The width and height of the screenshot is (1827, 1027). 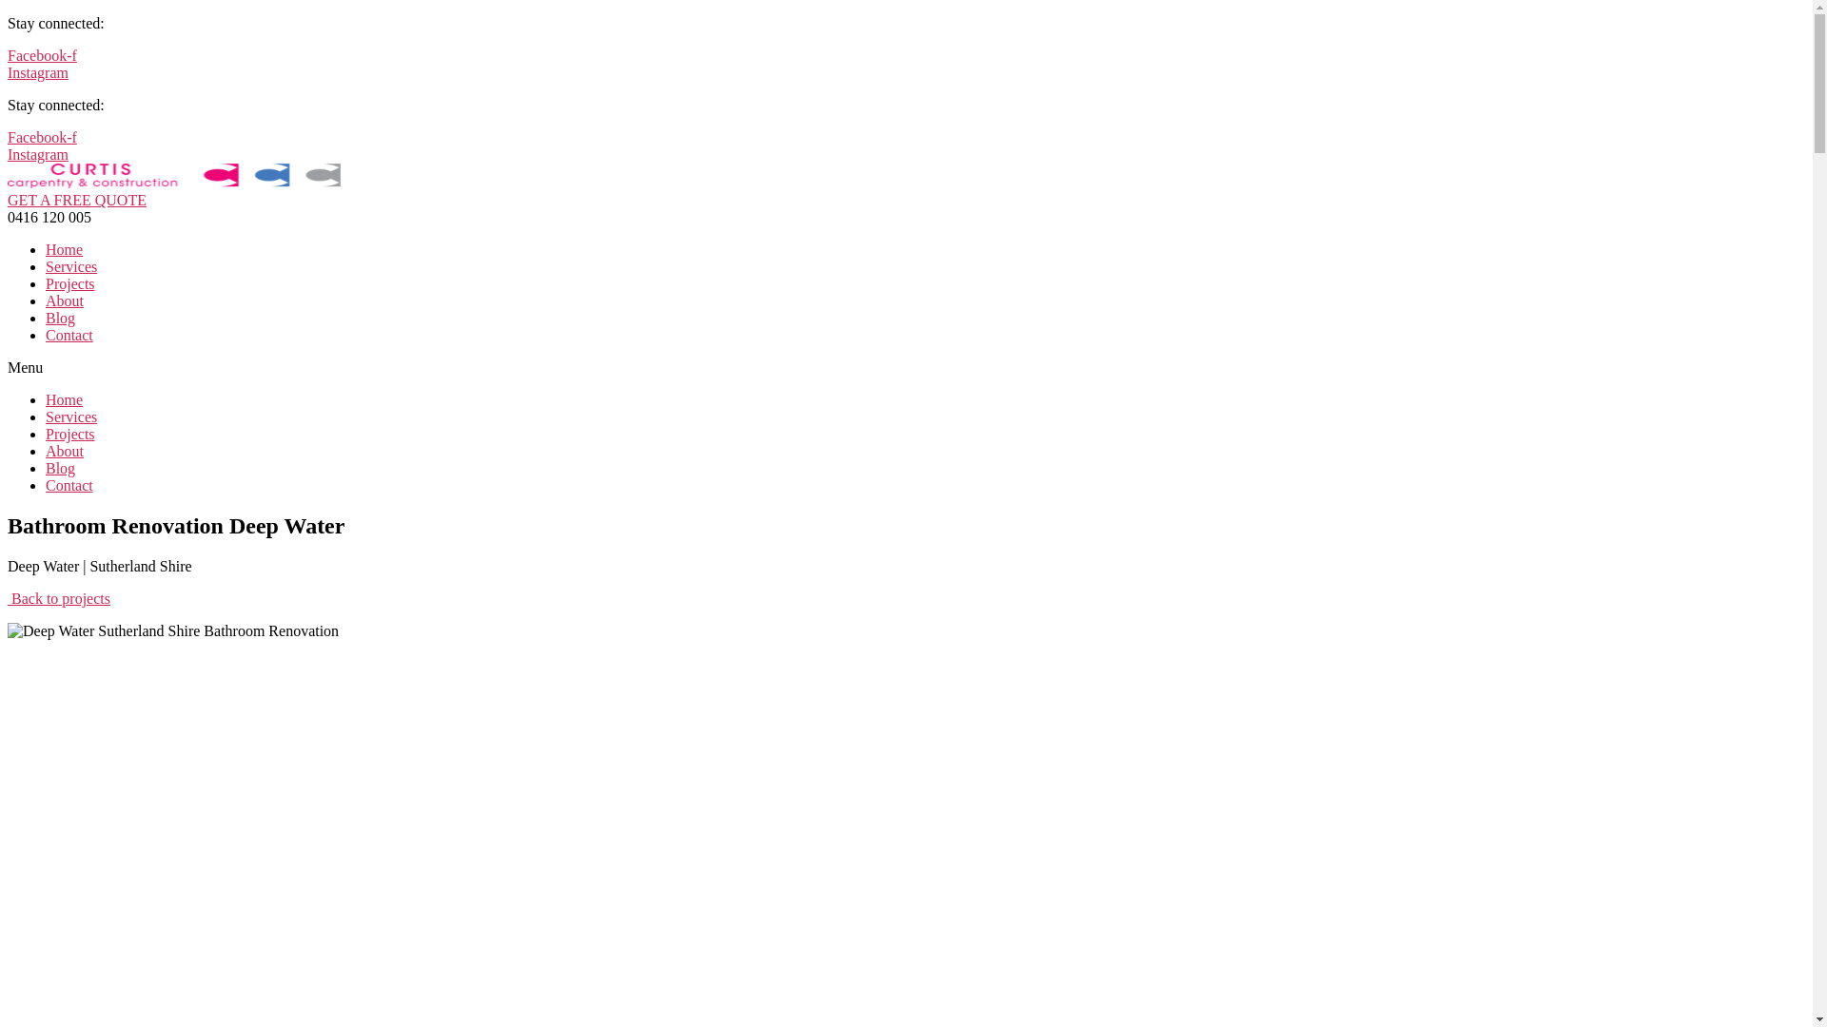 I want to click on 'Contact', so click(x=69, y=334).